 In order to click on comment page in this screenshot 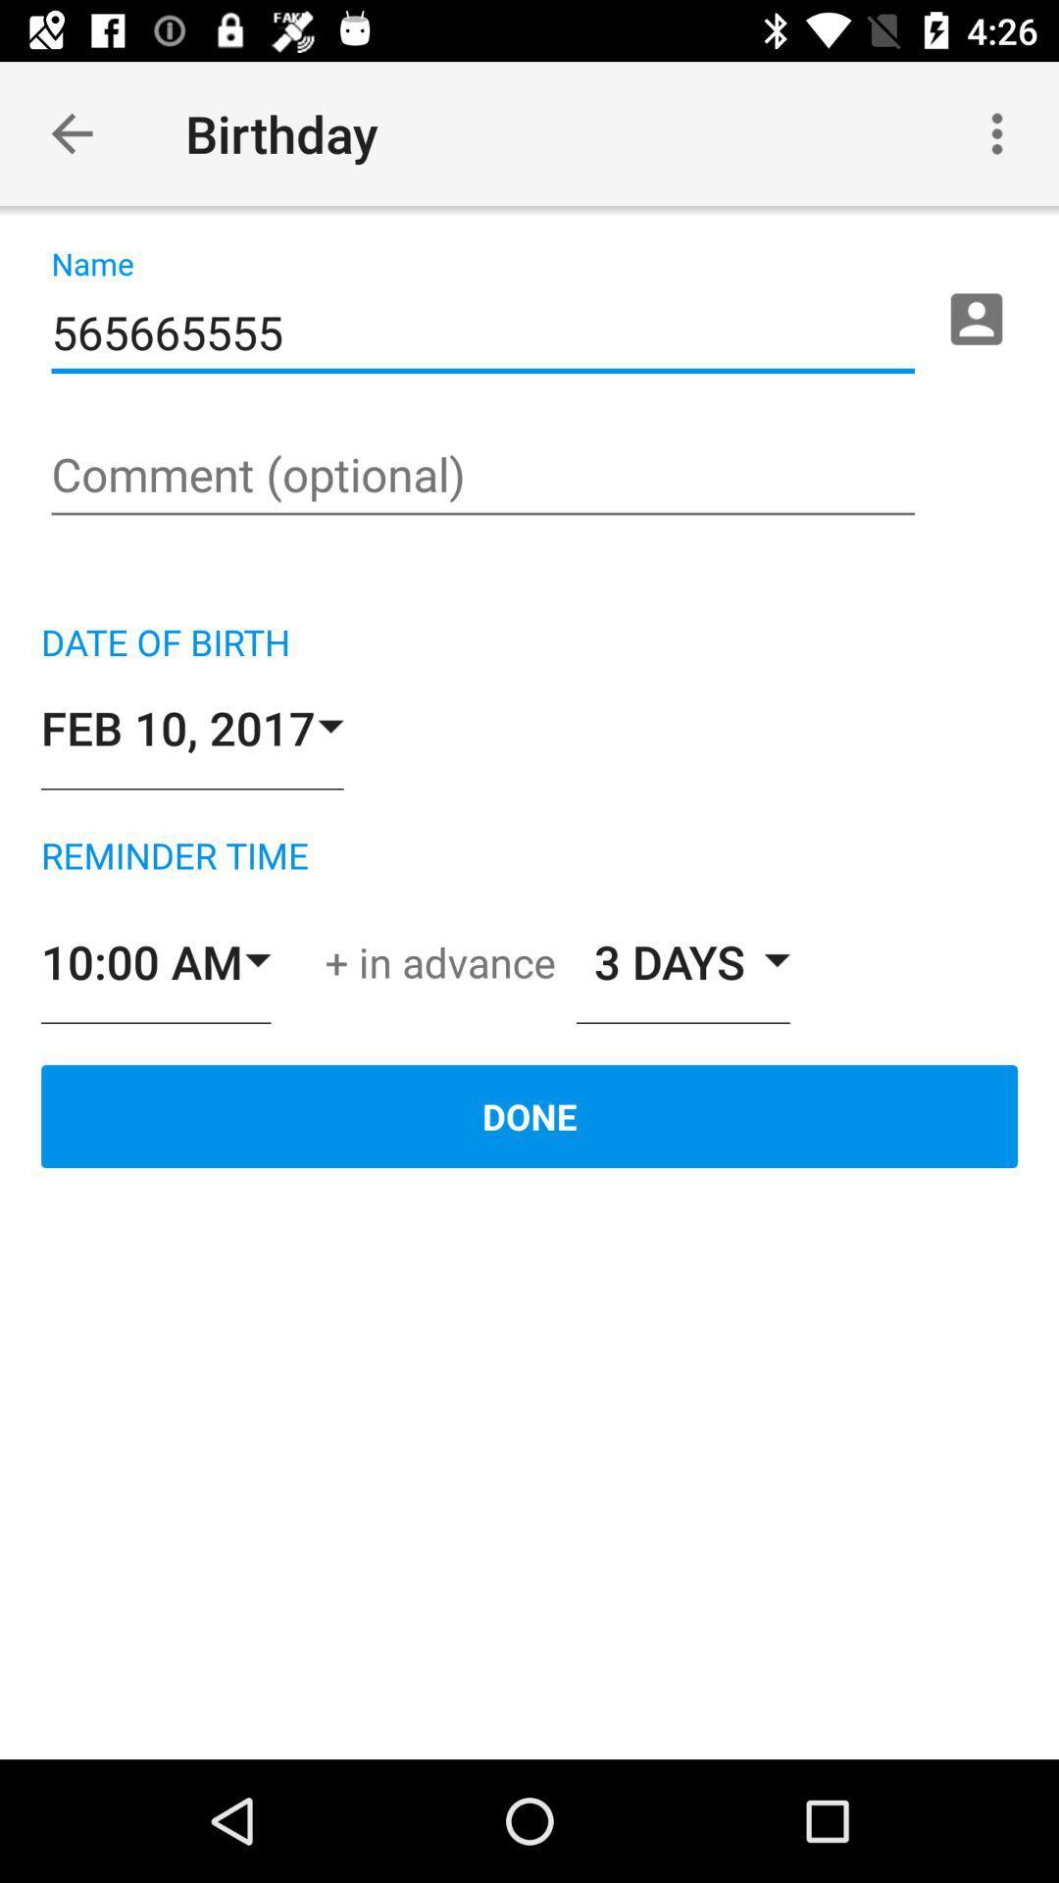, I will do `click(482, 477)`.